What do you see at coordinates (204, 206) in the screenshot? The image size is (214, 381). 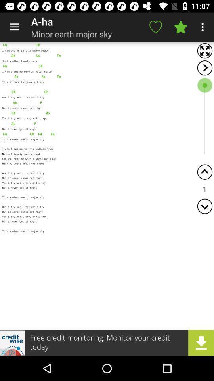 I see `the expand_more icon` at bounding box center [204, 206].